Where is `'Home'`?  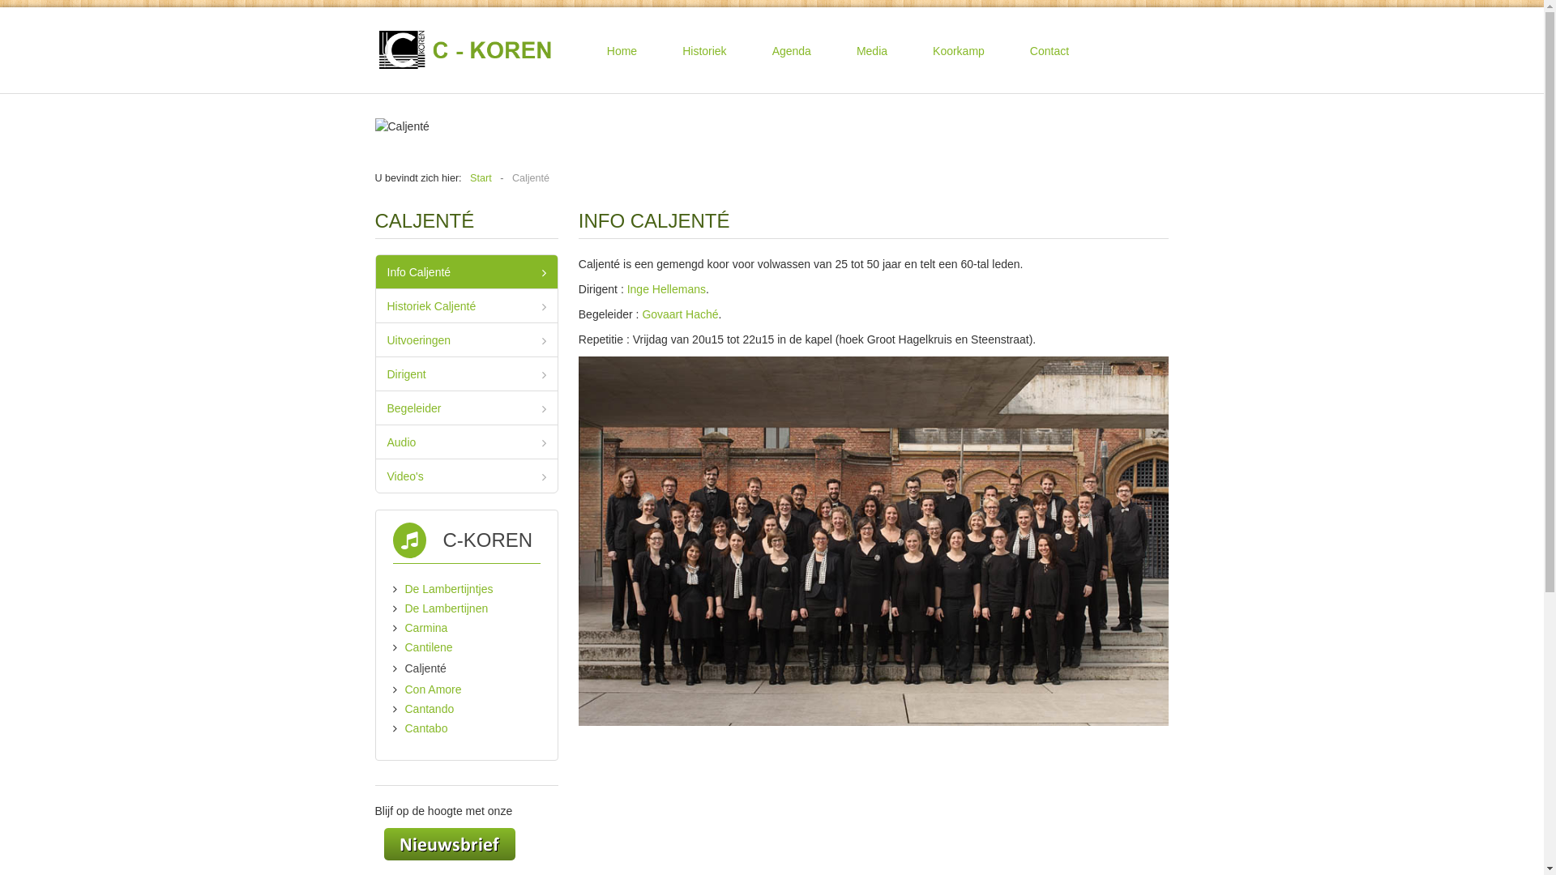
'Home' is located at coordinates (589, 49).